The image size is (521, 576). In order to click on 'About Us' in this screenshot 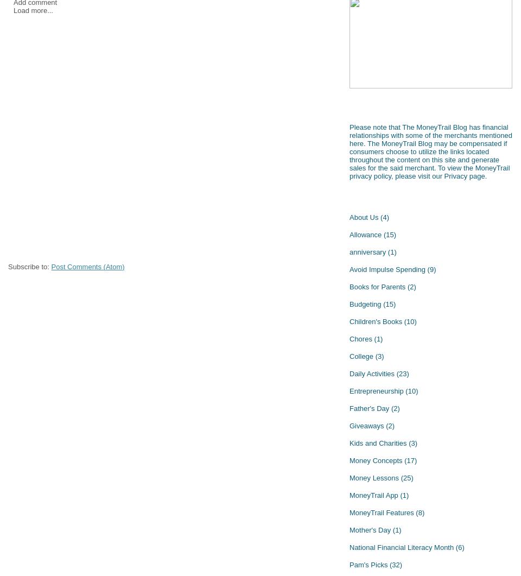, I will do `click(364, 217)`.